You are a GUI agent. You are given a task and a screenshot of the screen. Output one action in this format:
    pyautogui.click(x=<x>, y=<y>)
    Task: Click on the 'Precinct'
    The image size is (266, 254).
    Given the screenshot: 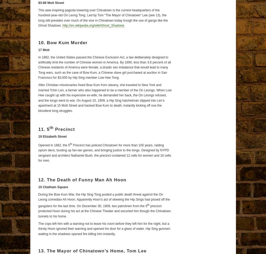 What is the action you would take?
    pyautogui.click(x=64, y=129)
    